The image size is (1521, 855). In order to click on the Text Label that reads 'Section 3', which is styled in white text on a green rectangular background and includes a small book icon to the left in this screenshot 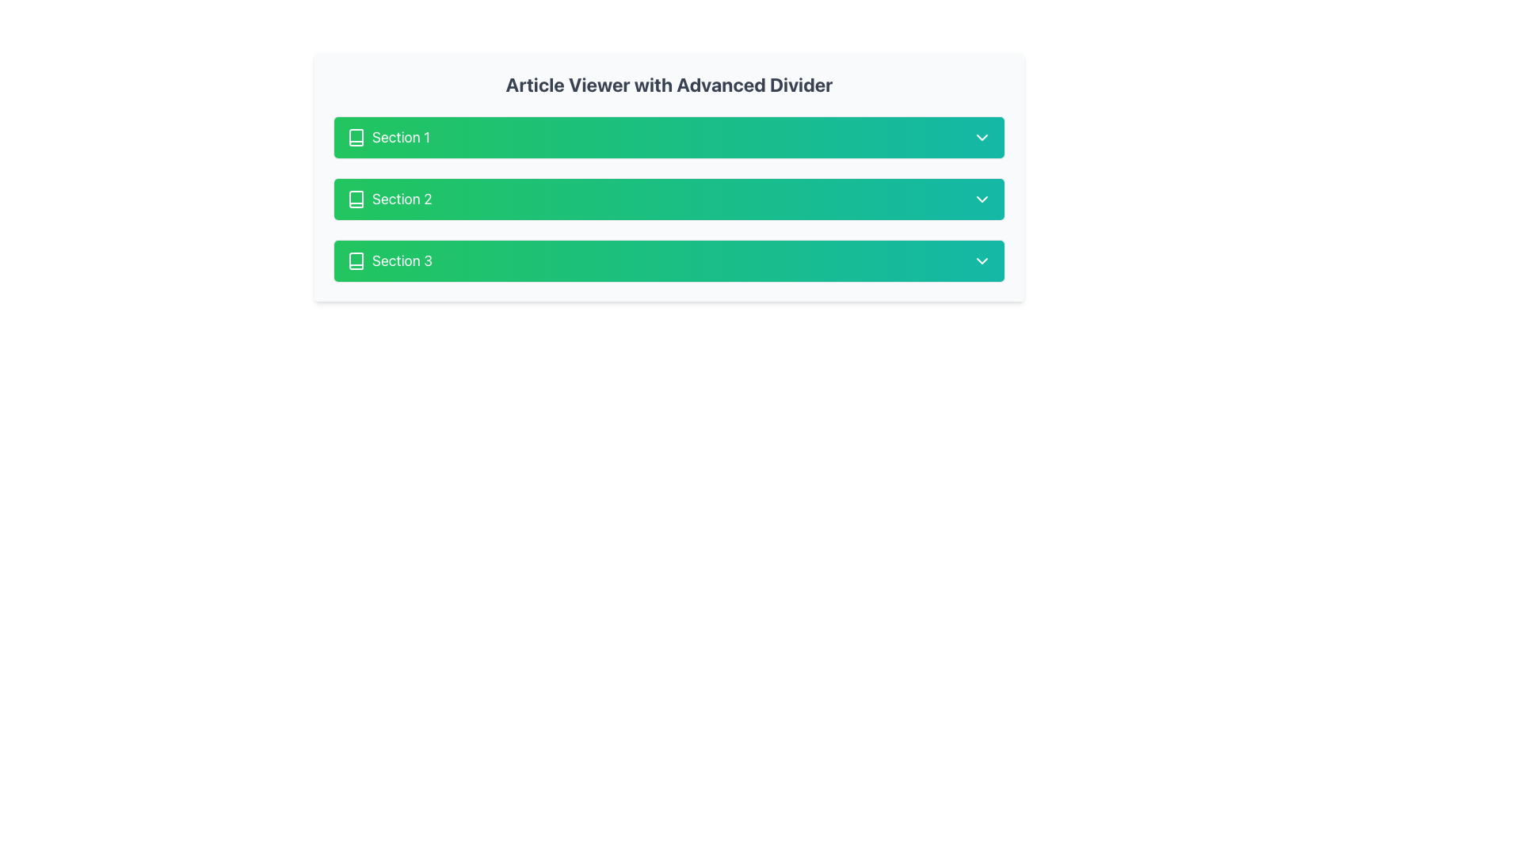, I will do `click(402, 260)`.